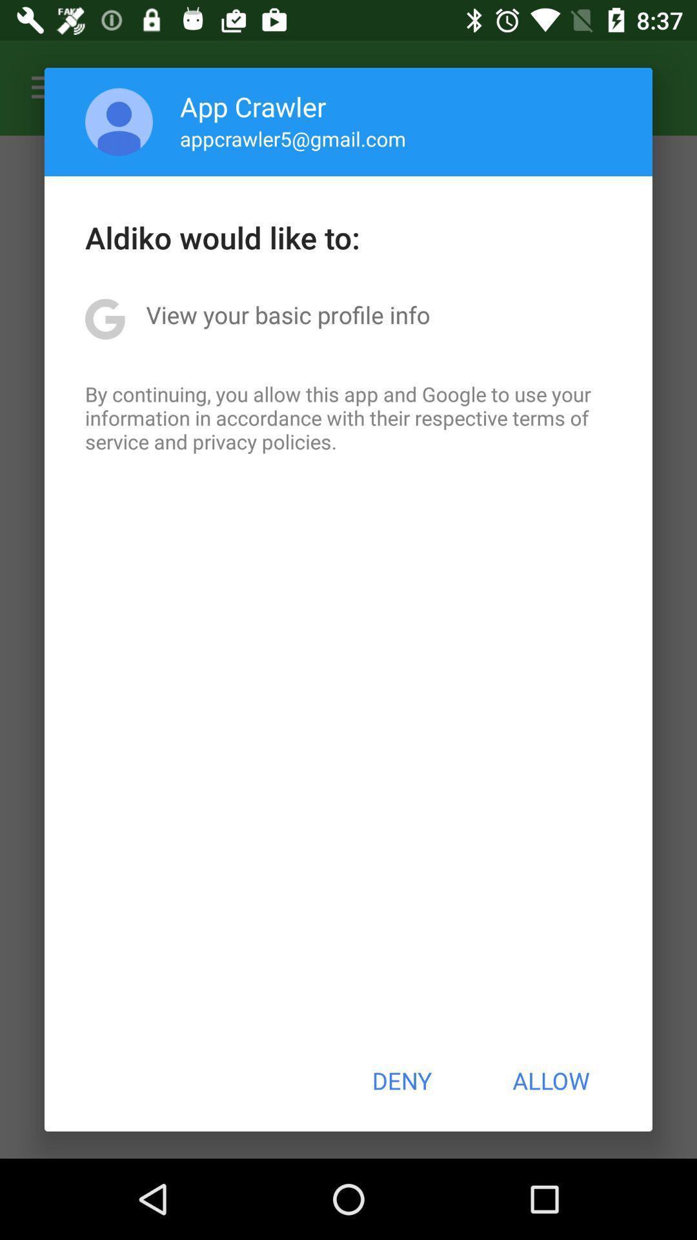 This screenshot has height=1240, width=697. What do you see at coordinates (253, 106) in the screenshot?
I see `app crawler item` at bounding box center [253, 106].